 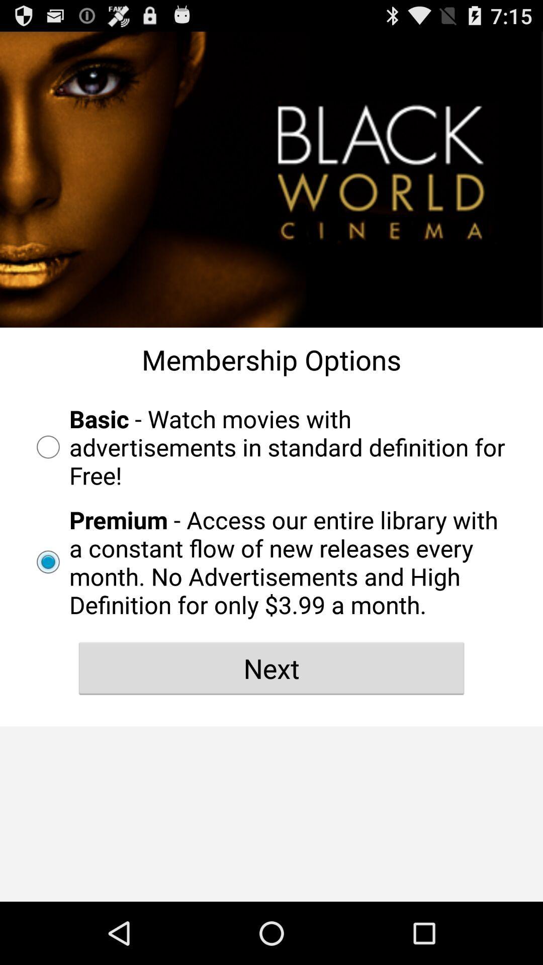 What do you see at coordinates (271, 561) in the screenshot?
I see `the radio button below the basic watch movies radio button` at bounding box center [271, 561].